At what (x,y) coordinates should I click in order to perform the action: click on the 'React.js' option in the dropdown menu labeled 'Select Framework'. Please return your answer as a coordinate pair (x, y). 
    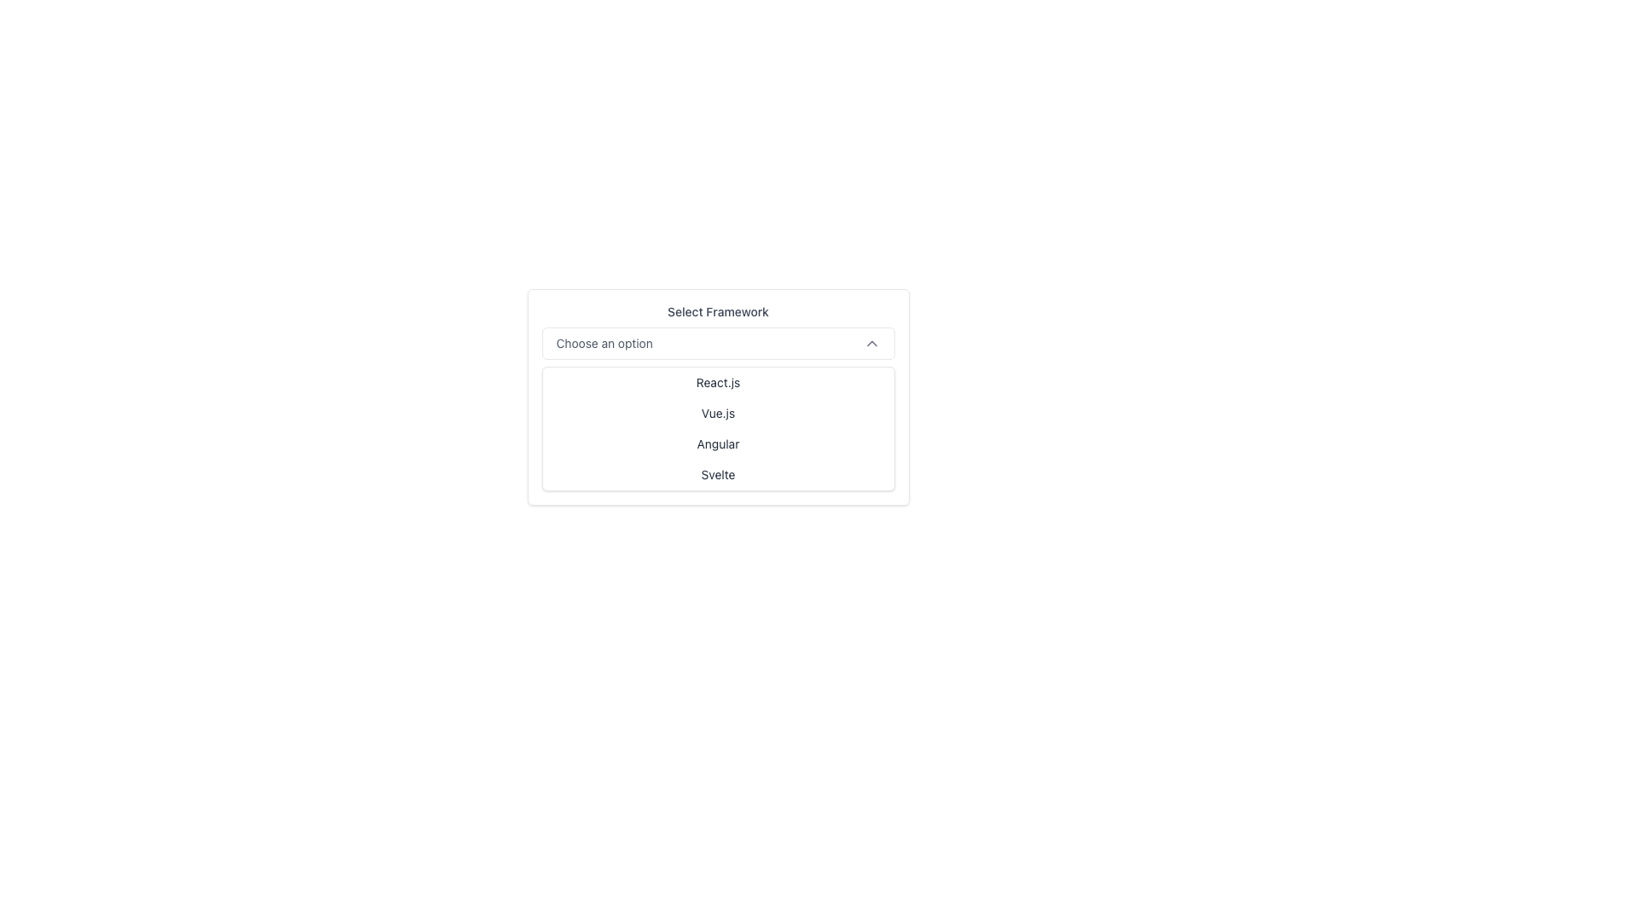
    Looking at the image, I should click on (718, 381).